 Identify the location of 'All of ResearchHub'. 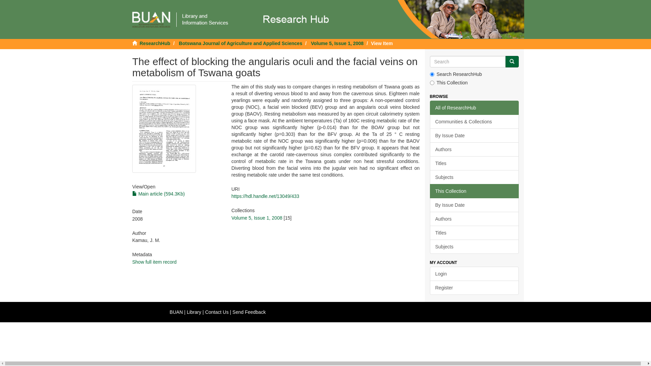
(474, 107).